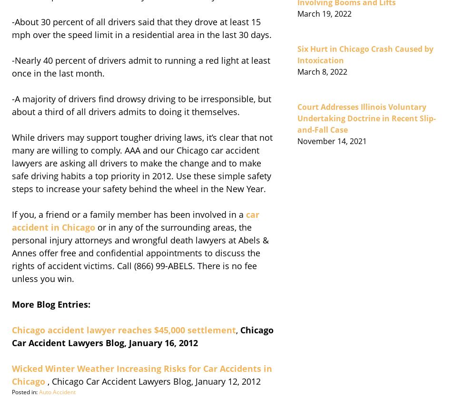 Image resolution: width=452 pixels, height=398 pixels. I want to click on 'Chicago Car Accident Lawyers Blog, January 16, 2012', so click(142, 335).